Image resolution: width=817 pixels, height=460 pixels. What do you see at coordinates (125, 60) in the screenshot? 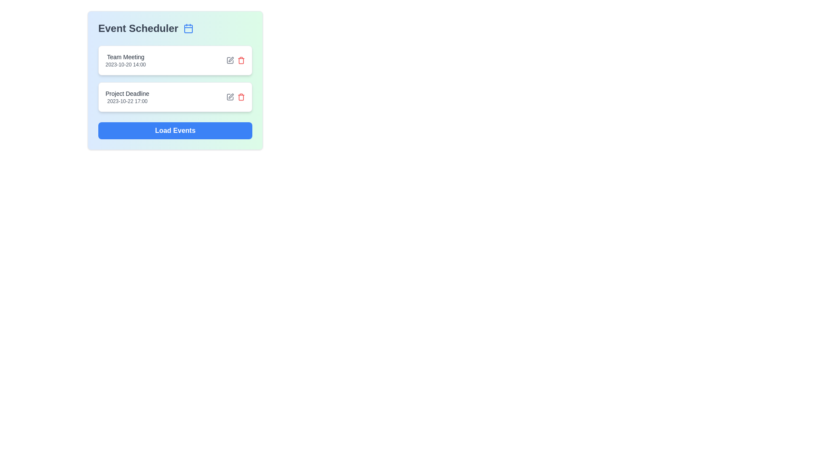
I see `the static label displaying 'Team Meeting' with the date '2023-10-20 14:00', which is located in the upper-left section of the interface, in the first position of the list of events` at bounding box center [125, 60].